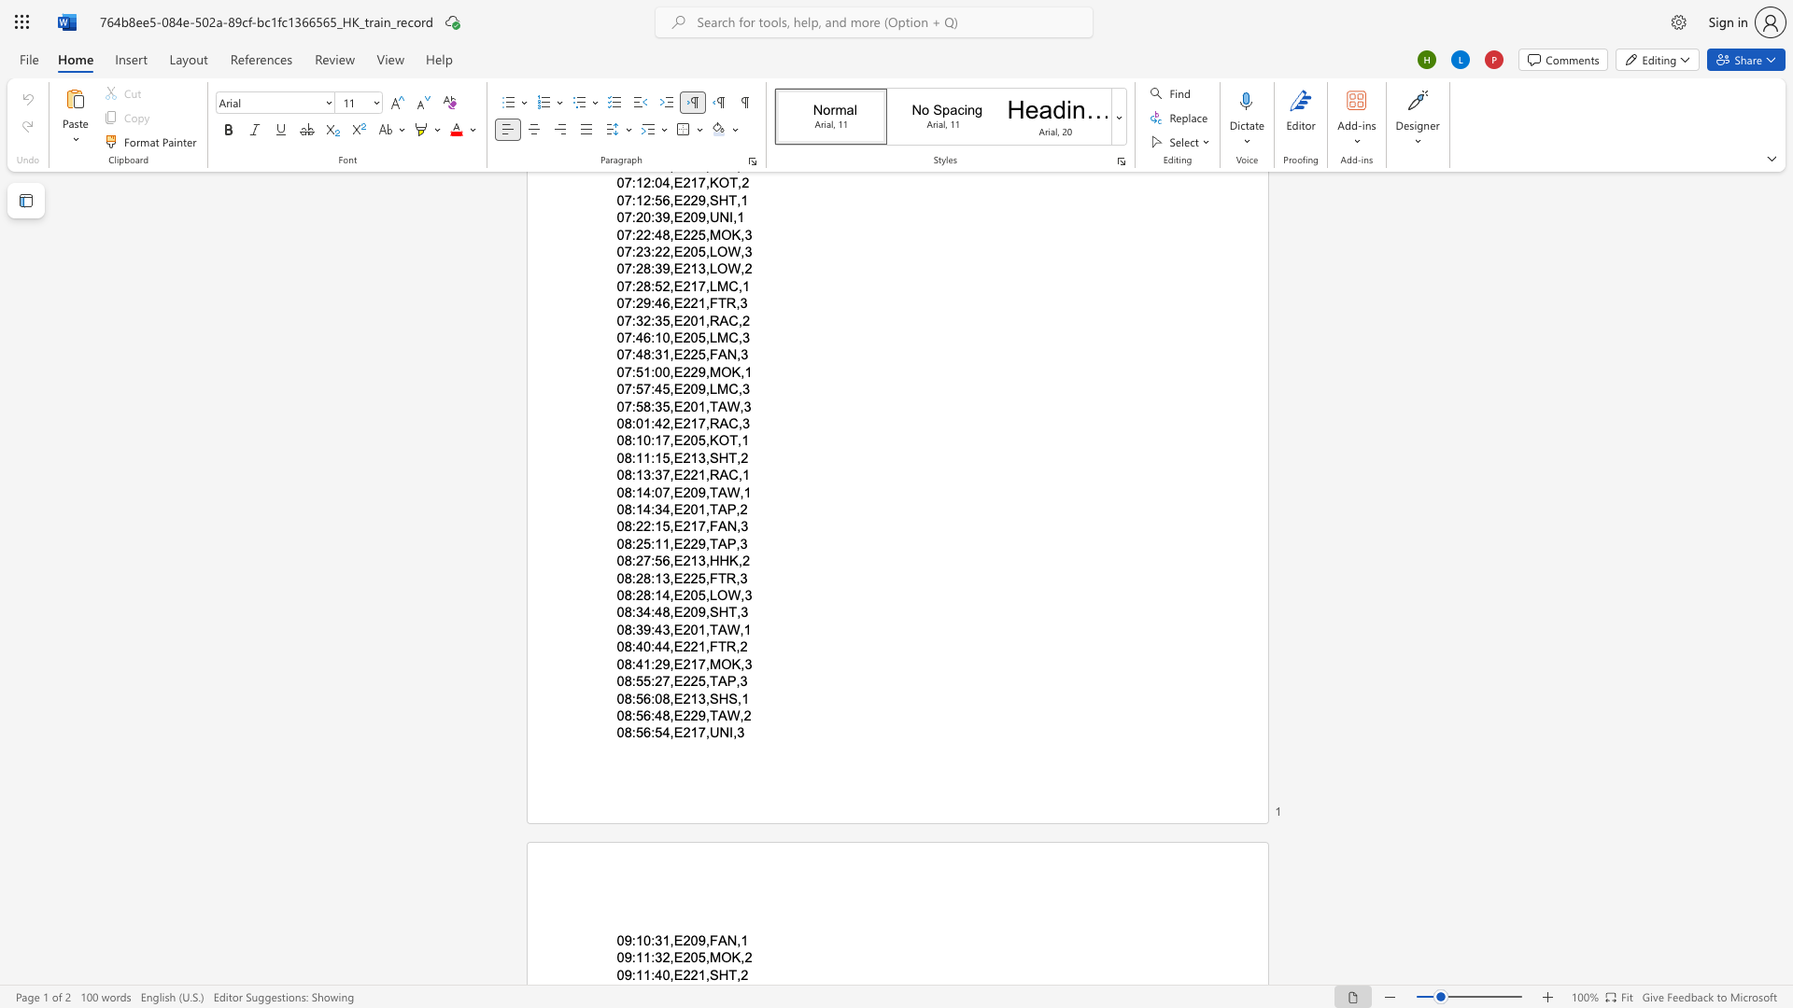  Describe the element at coordinates (689, 612) in the screenshot. I see `the subset text "09," within the text "08:34:48,E209,SHT,3"` at that location.